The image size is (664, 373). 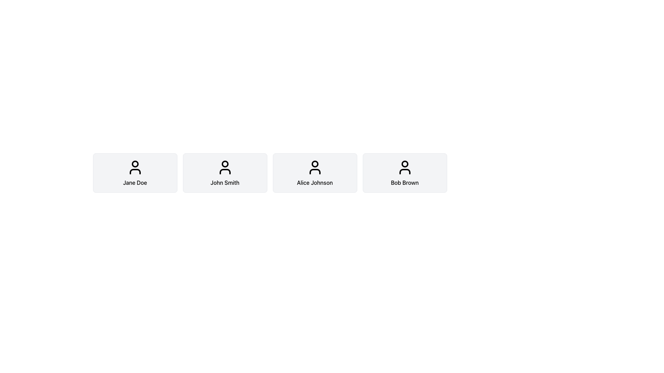 What do you see at coordinates (135, 171) in the screenshot?
I see `the Profile card, which is the first card in a horizontal row of four` at bounding box center [135, 171].